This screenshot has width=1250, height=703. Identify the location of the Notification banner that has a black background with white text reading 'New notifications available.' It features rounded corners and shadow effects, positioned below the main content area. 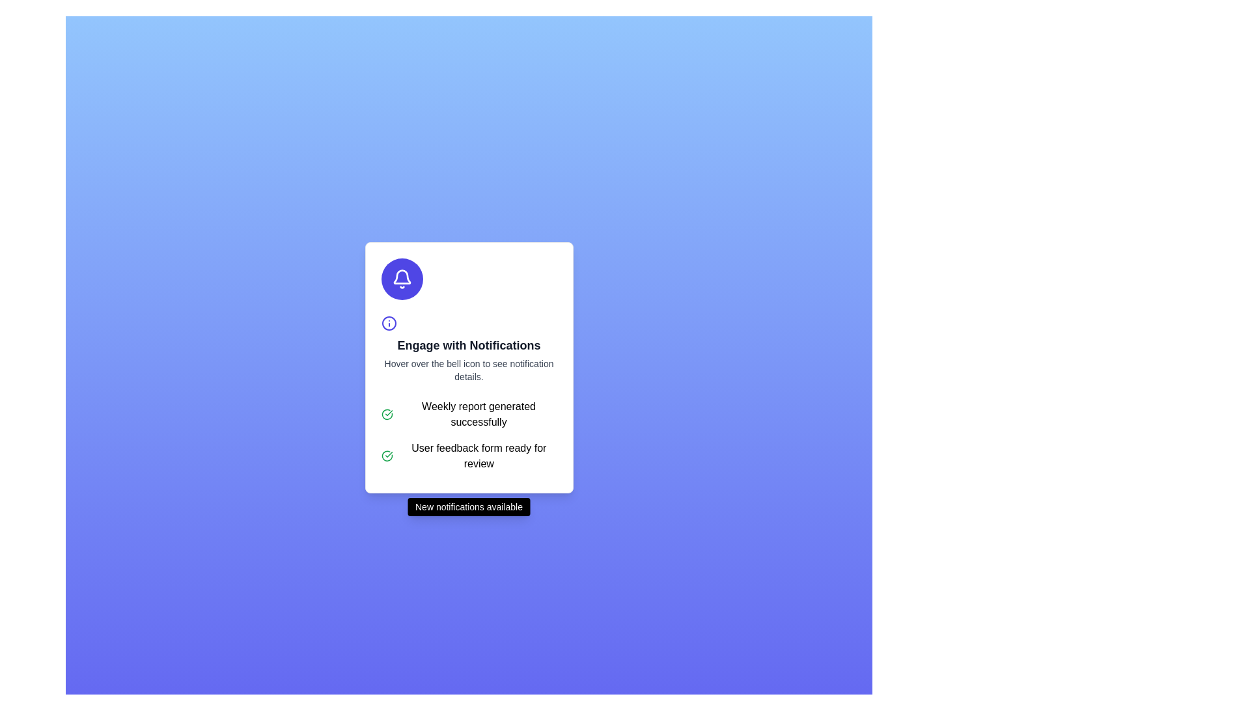
(469, 506).